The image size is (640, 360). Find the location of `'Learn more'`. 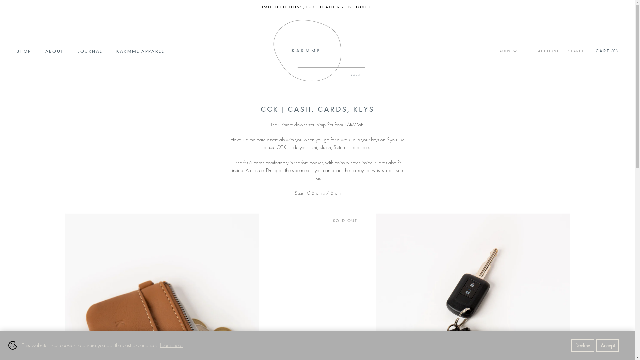

'Learn more' is located at coordinates (171, 345).